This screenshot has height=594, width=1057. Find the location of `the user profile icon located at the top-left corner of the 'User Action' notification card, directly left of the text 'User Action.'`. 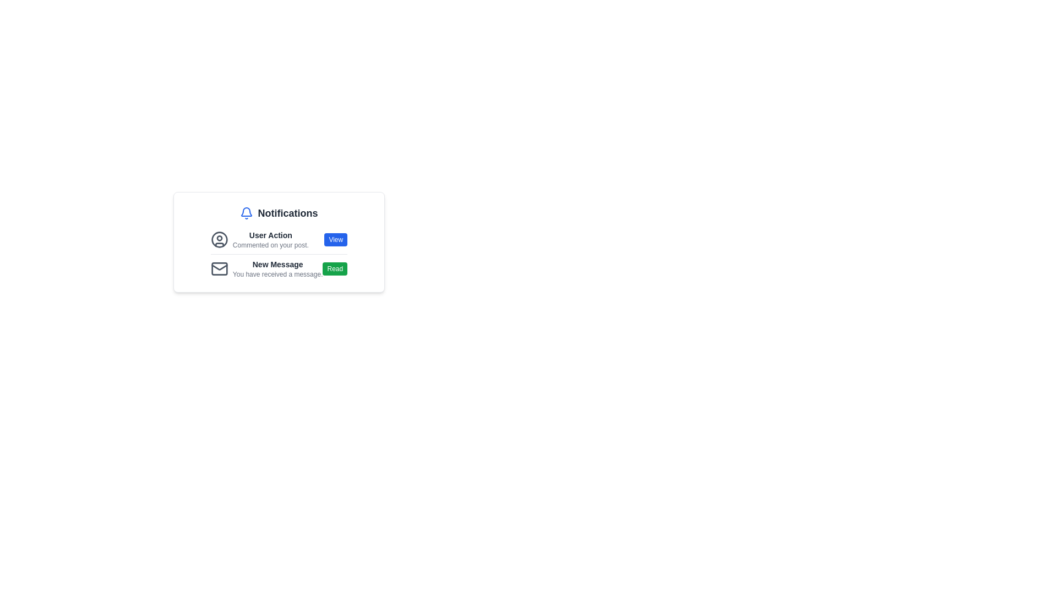

the user profile icon located at the top-left corner of the 'User Action' notification card, directly left of the text 'User Action.' is located at coordinates (219, 239).